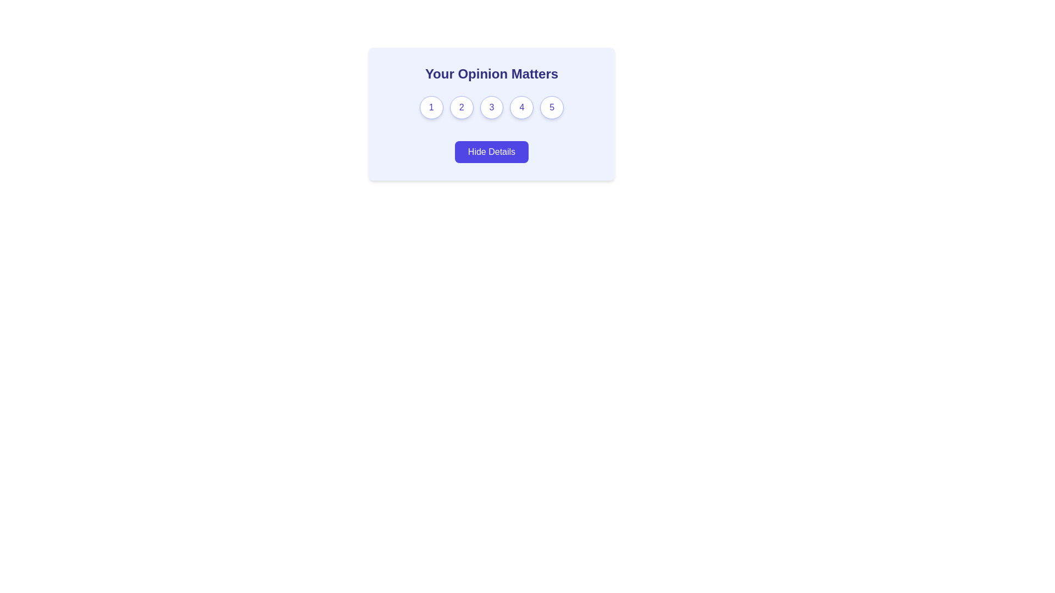 Image resolution: width=1055 pixels, height=593 pixels. What do you see at coordinates (491, 114) in the screenshot?
I see `the button labeled '3' which is positioned` at bounding box center [491, 114].